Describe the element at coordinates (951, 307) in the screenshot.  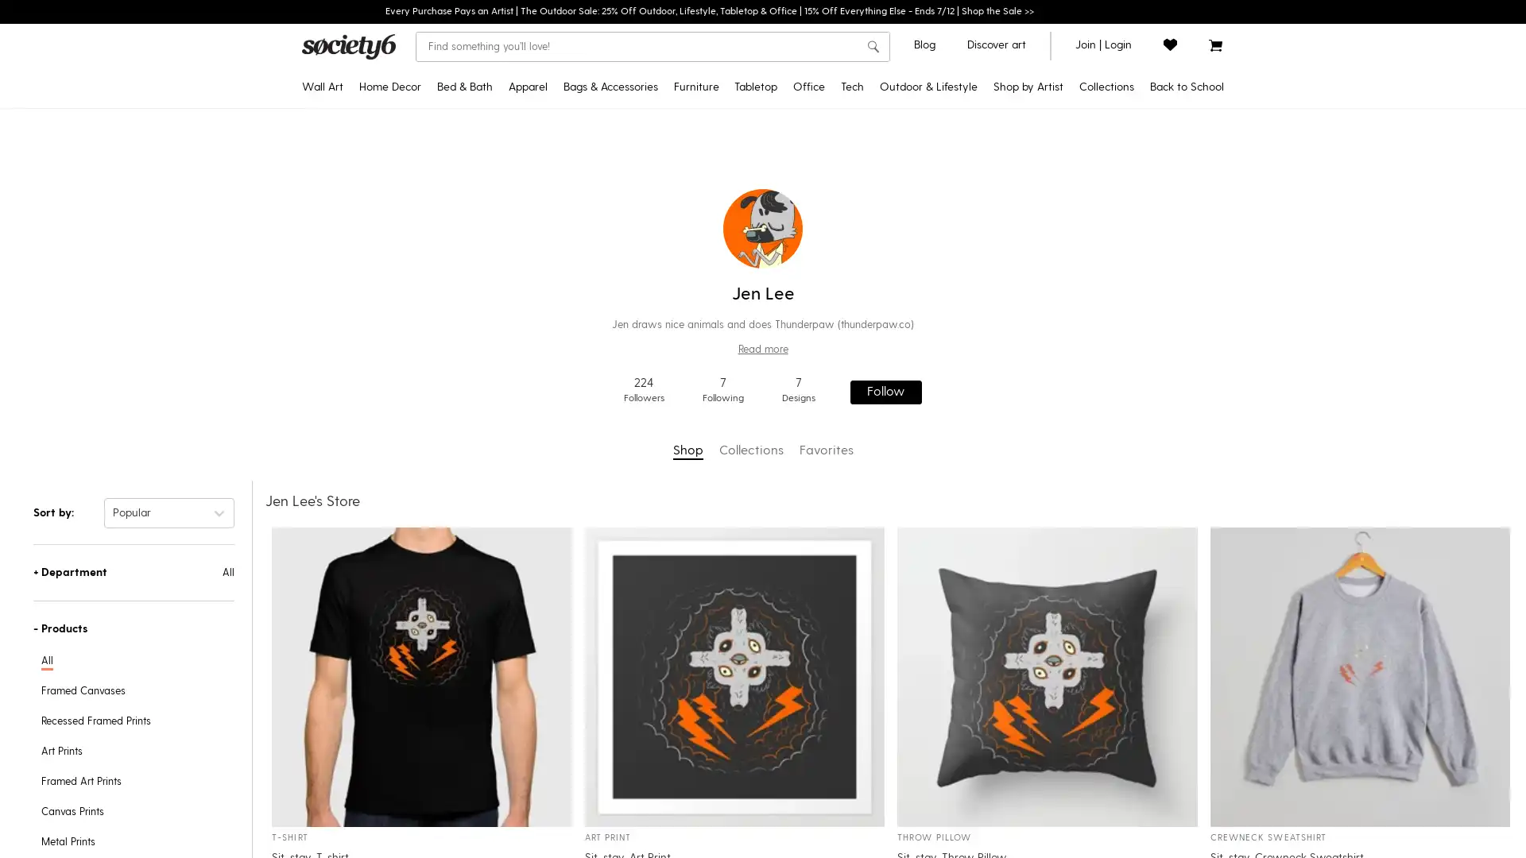
I see `Wine Chillers` at that location.